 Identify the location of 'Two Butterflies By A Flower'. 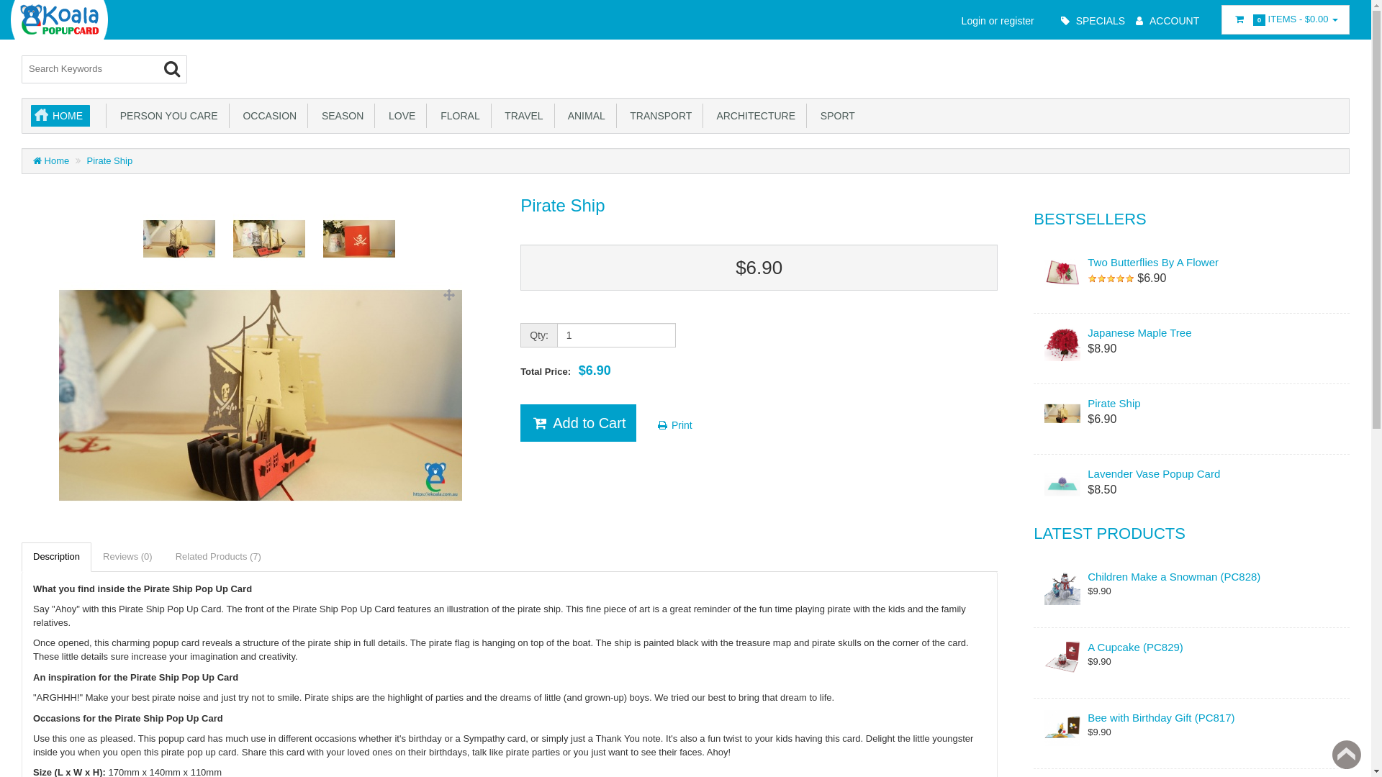
(1191, 262).